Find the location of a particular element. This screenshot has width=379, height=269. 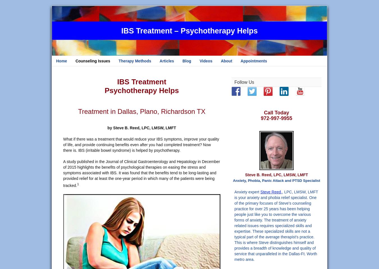

'Anxiety, Phobia, Panic Attack and PTSD  Specialist' is located at coordinates (276, 180).